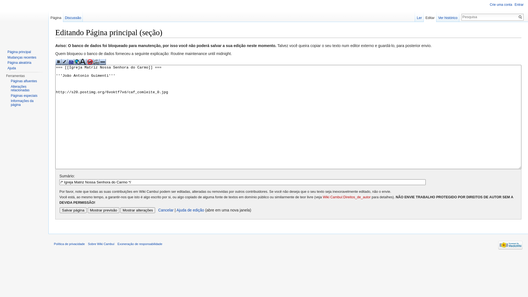 This screenshot has width=528, height=297. I want to click on 'Sua assinatura, com hora e data', so click(96, 62).